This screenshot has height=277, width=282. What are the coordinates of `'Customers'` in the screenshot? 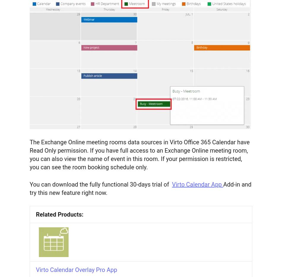 It's located at (28, 114).